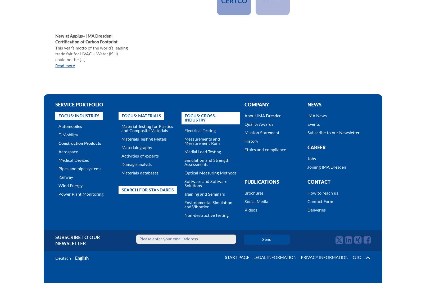 The image size is (426, 283). I want to click on 'Jobs', so click(307, 158).